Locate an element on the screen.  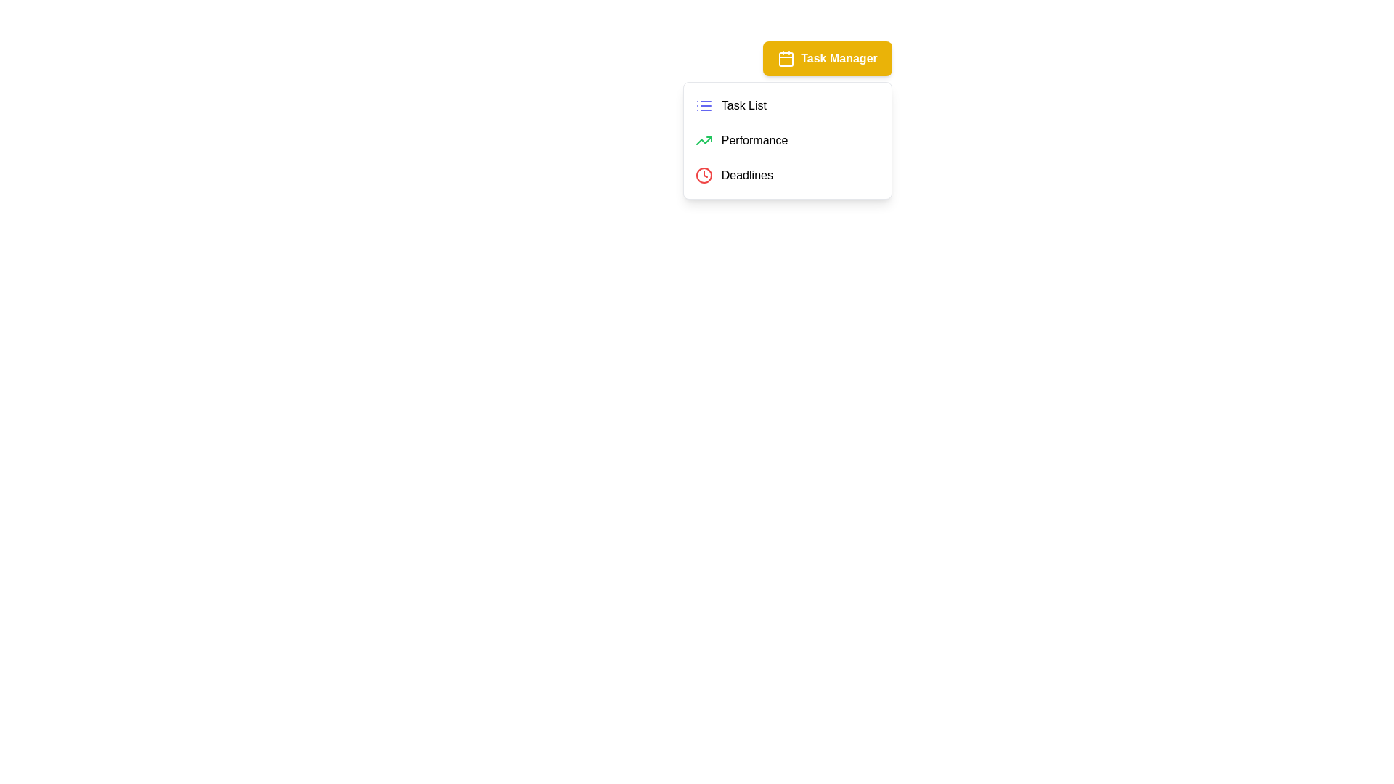
the menu item Deadlines to observe the visual feedback is located at coordinates (786, 175).